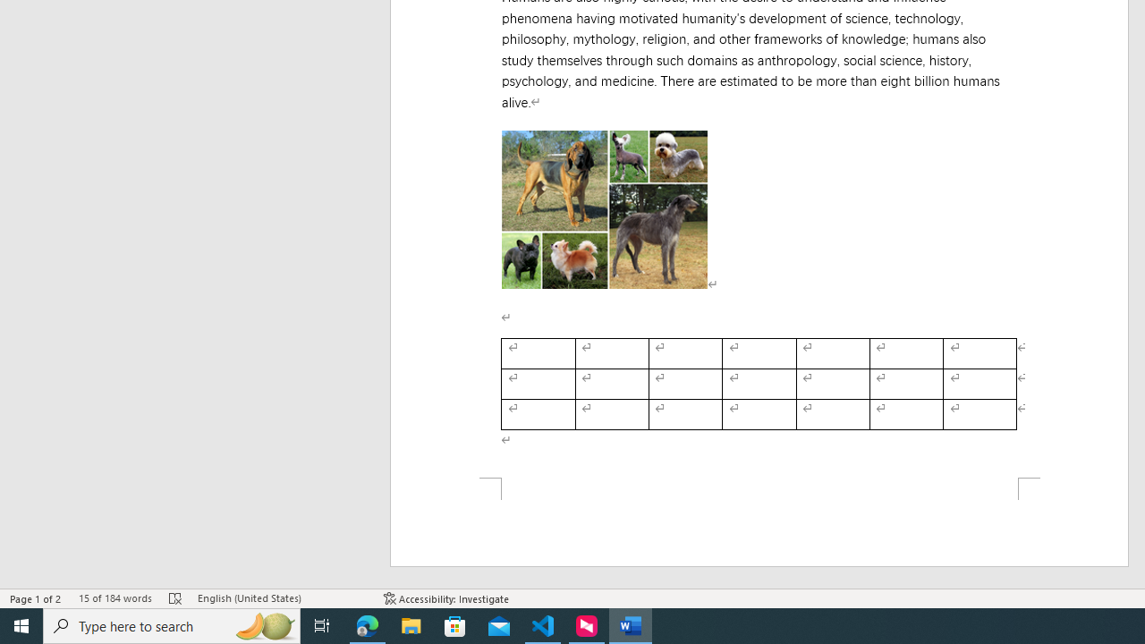 The width and height of the screenshot is (1145, 644). Describe the element at coordinates (604, 208) in the screenshot. I see `'Morphological variation in six dogs'` at that location.